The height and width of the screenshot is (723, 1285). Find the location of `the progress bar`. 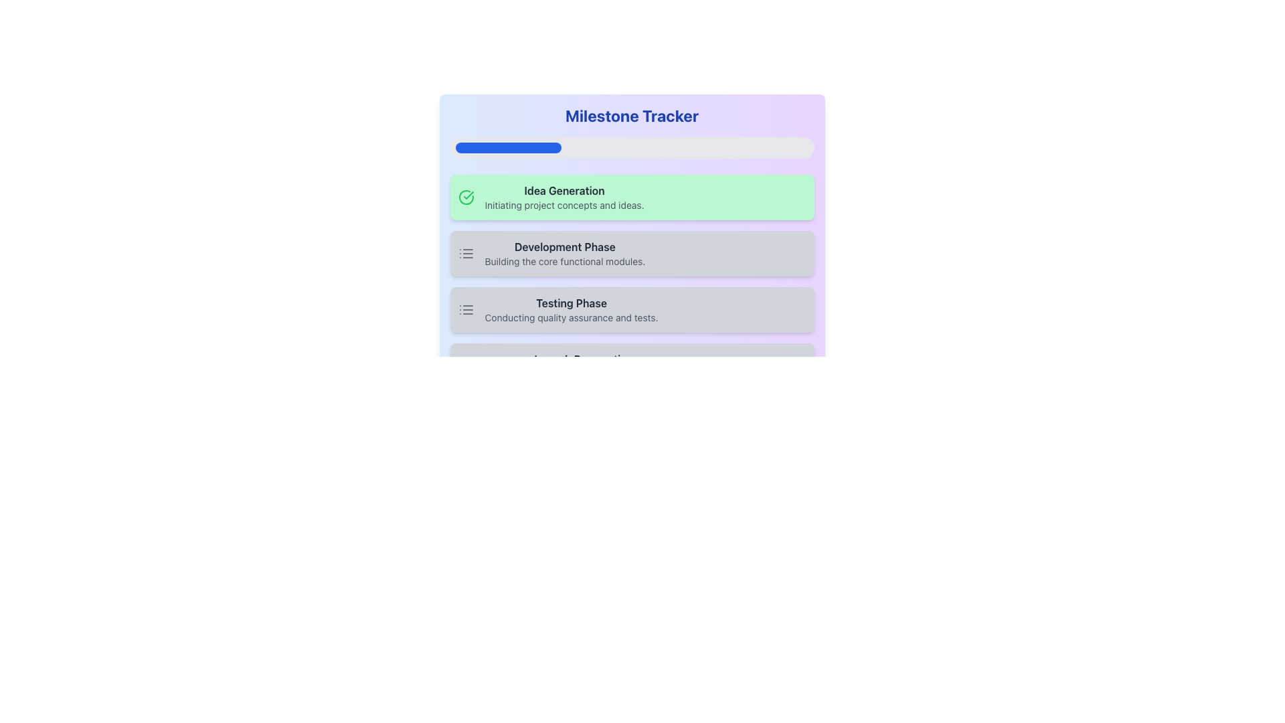

the progress bar is located at coordinates (654, 147).